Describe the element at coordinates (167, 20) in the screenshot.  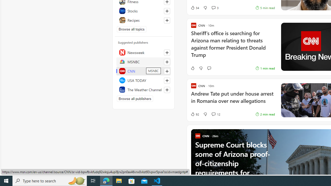
I see `'Follow this topic'` at that location.